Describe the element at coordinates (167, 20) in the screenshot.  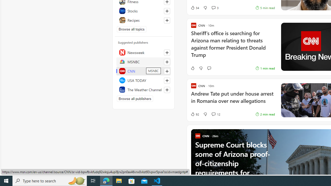
I see `'Follow this topic'` at that location.